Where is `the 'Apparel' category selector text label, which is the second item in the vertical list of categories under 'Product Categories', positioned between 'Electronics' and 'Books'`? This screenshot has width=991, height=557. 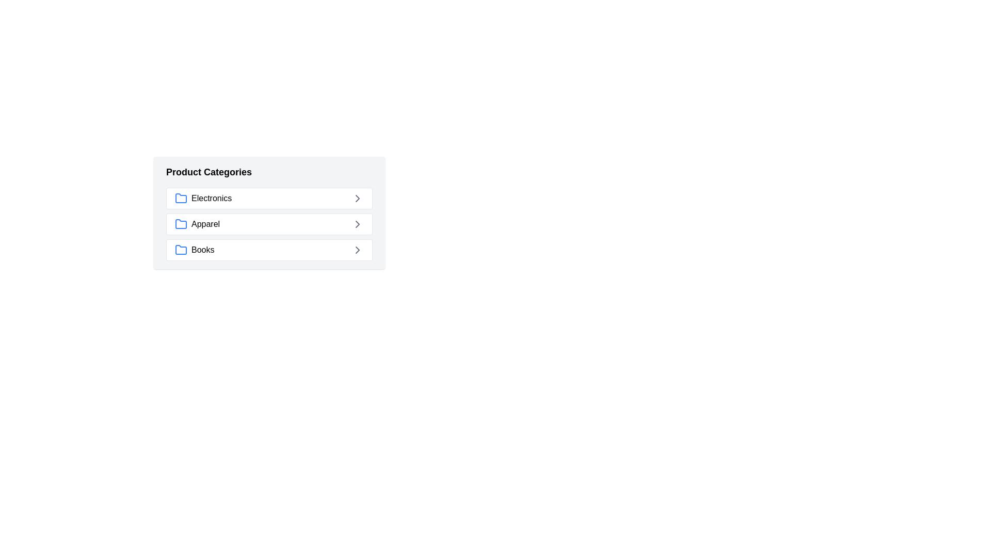 the 'Apparel' category selector text label, which is the second item in the vertical list of categories under 'Product Categories', positioned between 'Electronics' and 'Books' is located at coordinates (197, 224).